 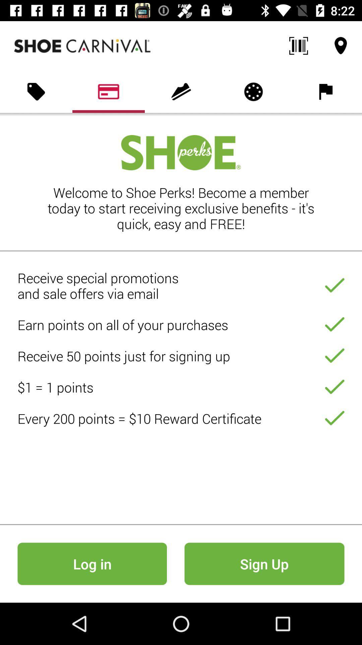 I want to click on the option news feed which is after tag option, so click(x=108, y=91).